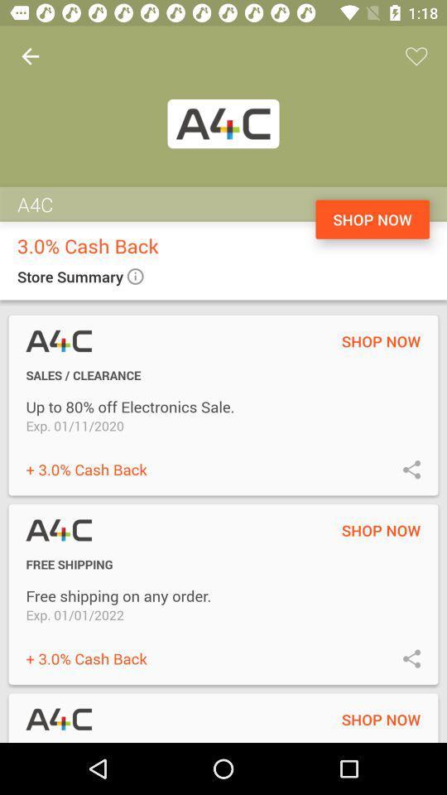 The height and width of the screenshot is (795, 447). Describe the element at coordinates (411, 469) in the screenshot. I see `share option` at that location.